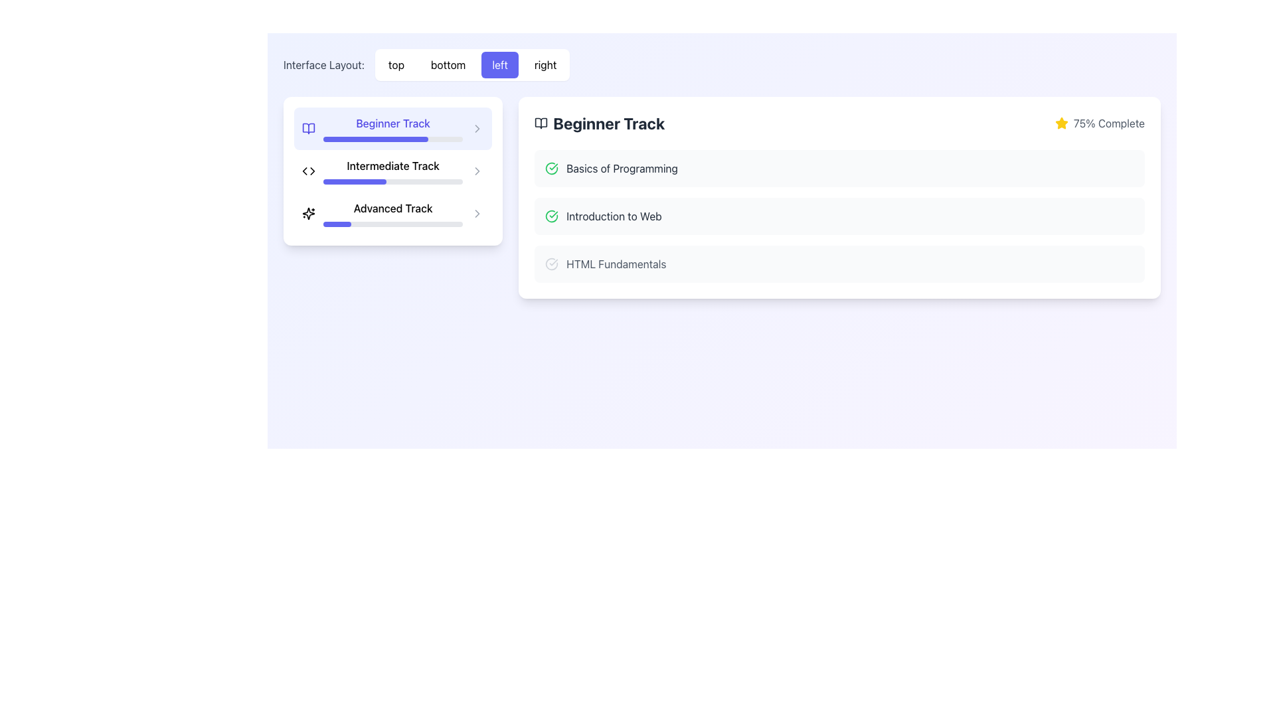  What do you see at coordinates (599, 123) in the screenshot?
I see `the 'Beginner Track' title text label with icon located in the right panel of the layout, near the top` at bounding box center [599, 123].